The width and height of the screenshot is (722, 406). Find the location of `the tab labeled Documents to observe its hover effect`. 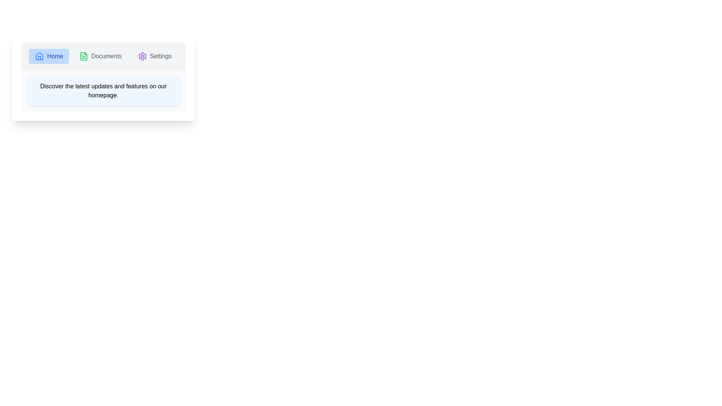

the tab labeled Documents to observe its hover effect is located at coordinates (100, 56).